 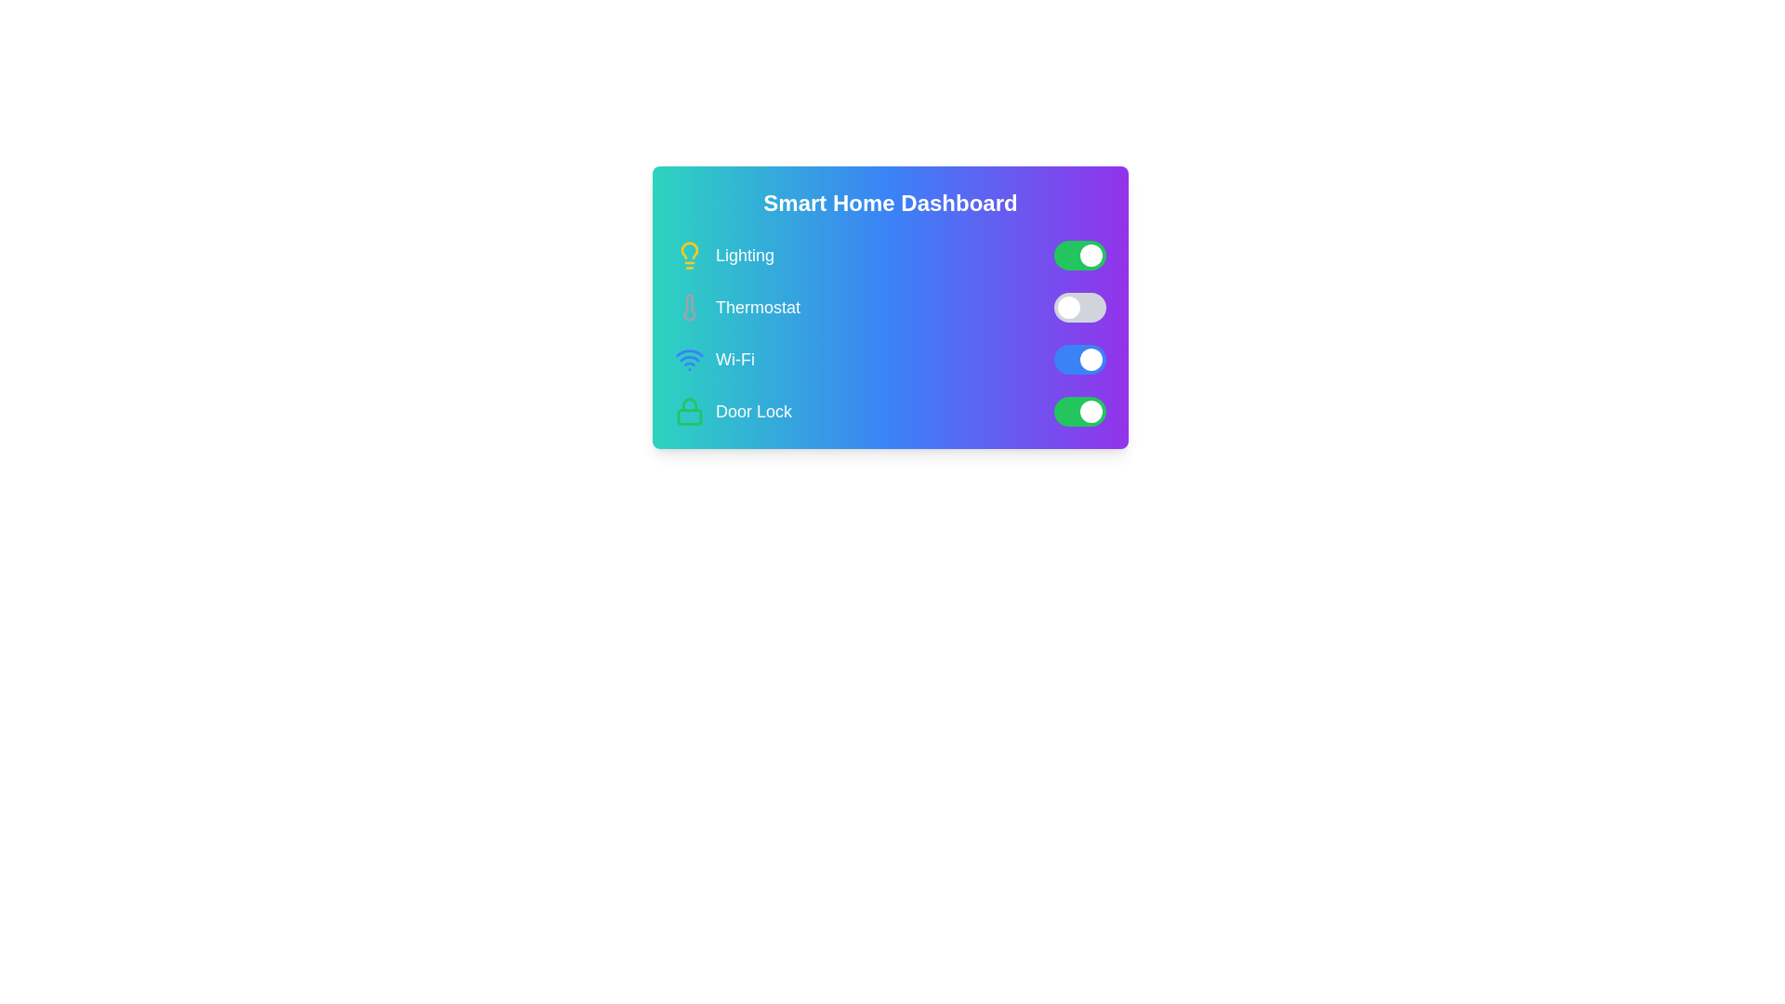 What do you see at coordinates (689, 307) in the screenshot?
I see `the vertical thermometer-like icon located in the 'Thermostat' row of the 'Smart Home Dashboard', positioned to the left of the text 'Thermostat'` at bounding box center [689, 307].